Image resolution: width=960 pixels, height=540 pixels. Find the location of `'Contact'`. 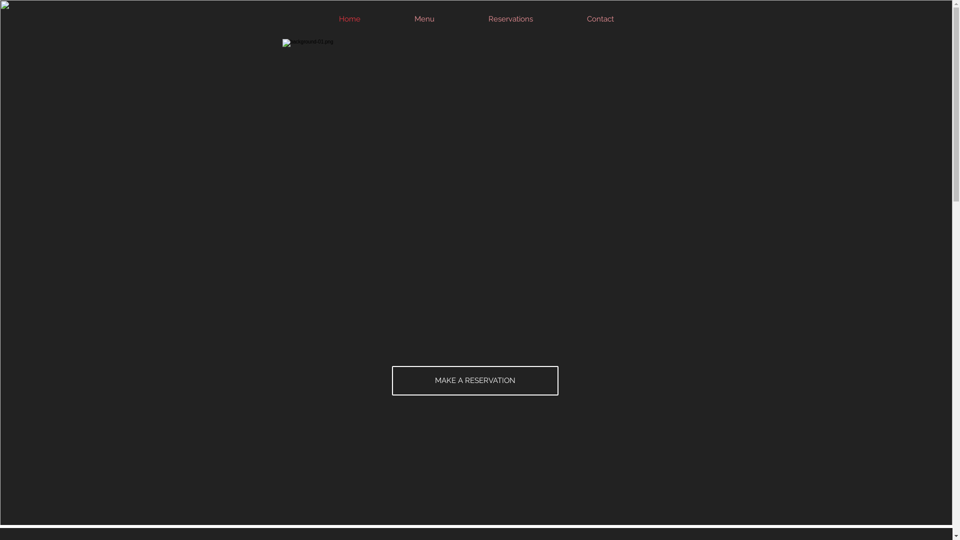

'Contact' is located at coordinates (600, 19).